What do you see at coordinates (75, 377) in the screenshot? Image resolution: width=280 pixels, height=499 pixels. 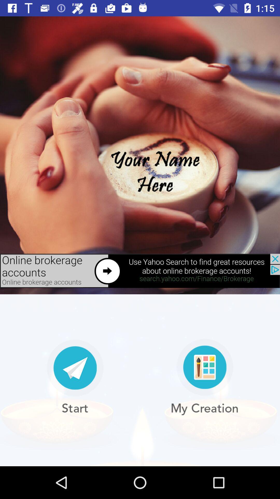 I see `statr icon` at bounding box center [75, 377].